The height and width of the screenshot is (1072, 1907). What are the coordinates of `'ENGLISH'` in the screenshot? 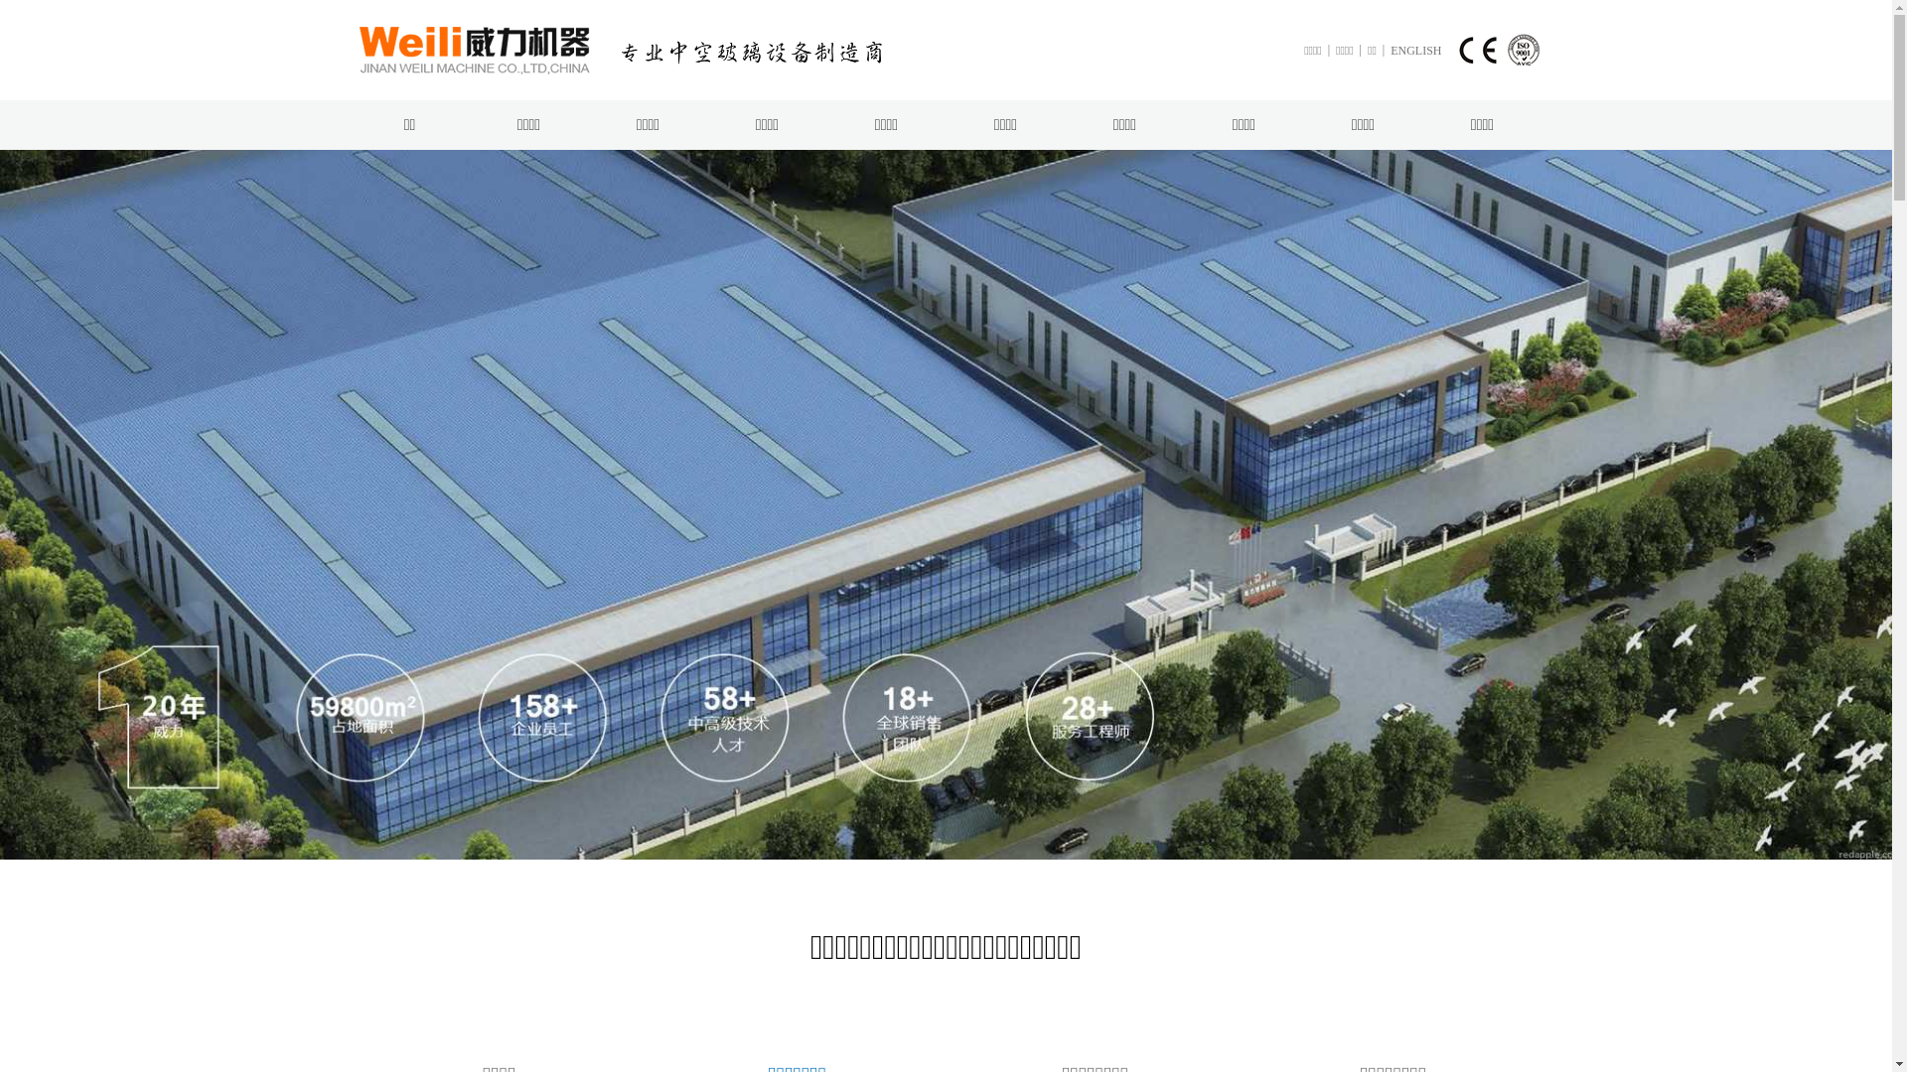 It's located at (1414, 49).